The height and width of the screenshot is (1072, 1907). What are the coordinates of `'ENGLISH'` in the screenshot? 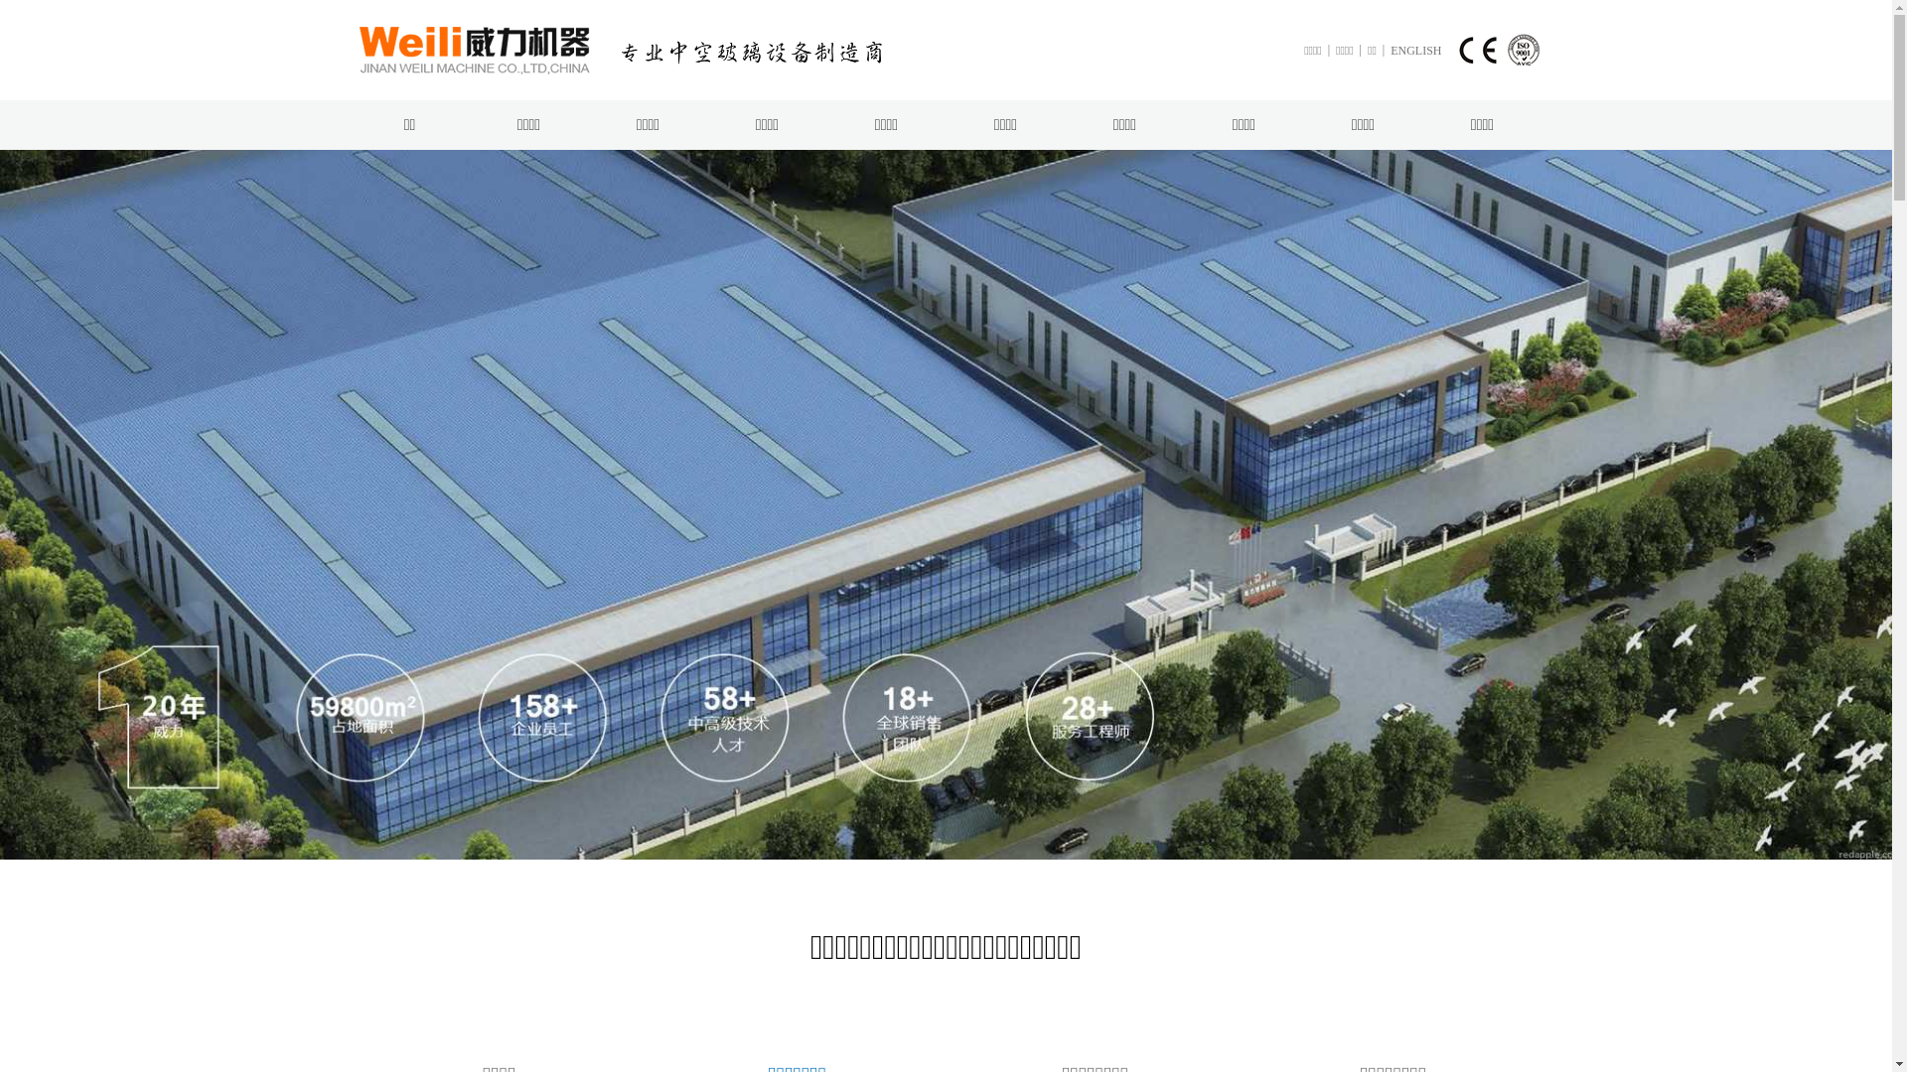 It's located at (1414, 49).